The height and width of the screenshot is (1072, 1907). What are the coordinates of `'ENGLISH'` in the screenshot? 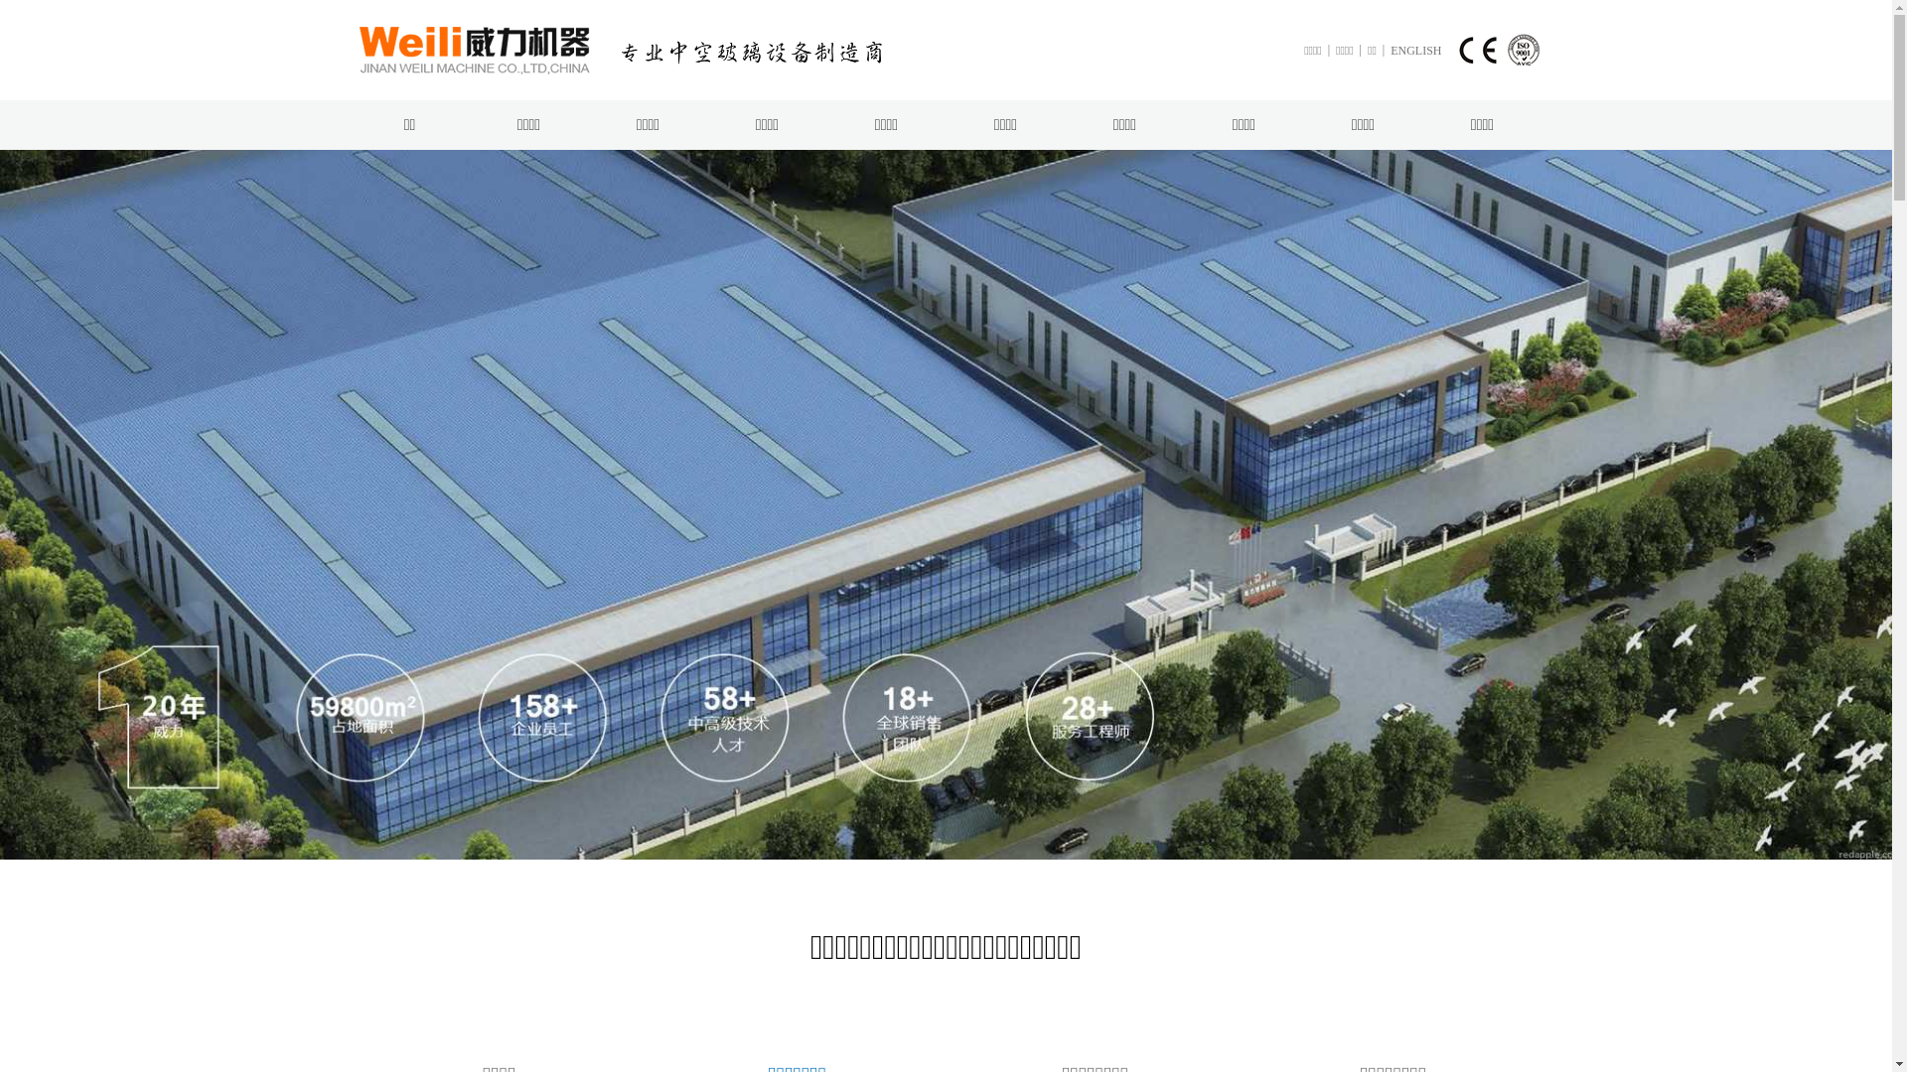 It's located at (1414, 49).